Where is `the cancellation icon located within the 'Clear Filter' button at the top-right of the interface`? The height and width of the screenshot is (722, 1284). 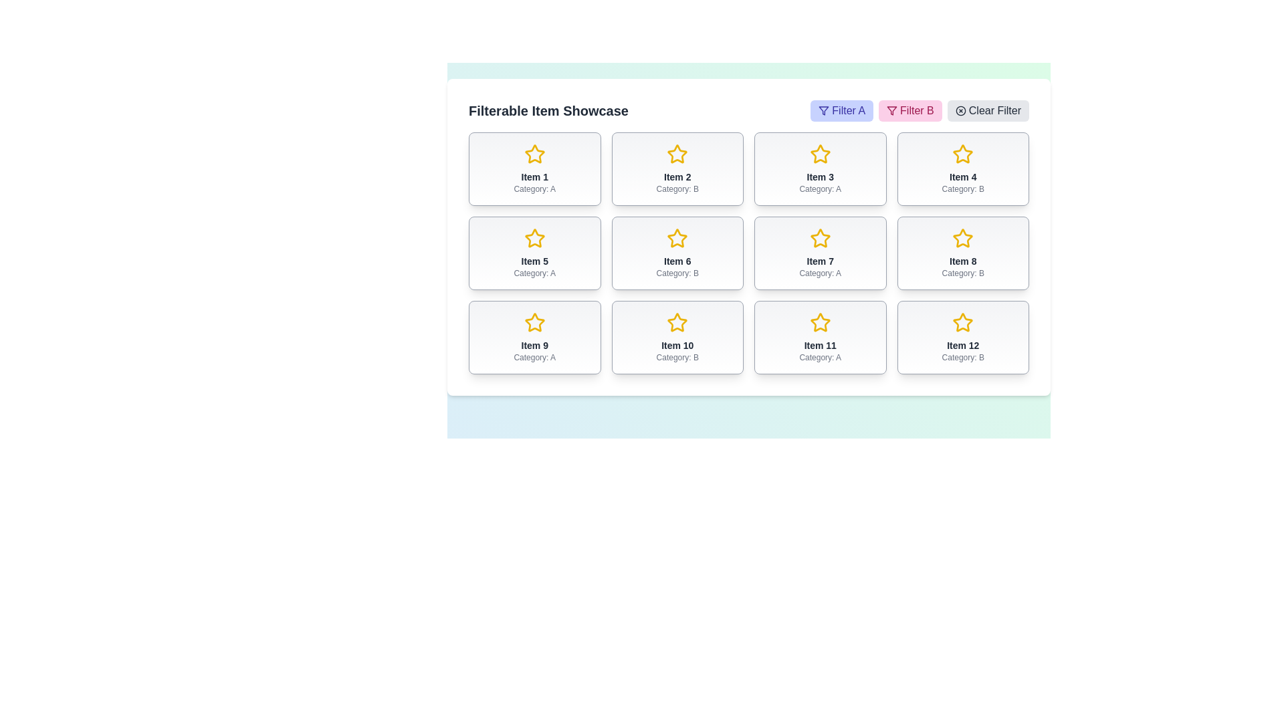
the cancellation icon located within the 'Clear Filter' button at the top-right of the interface is located at coordinates (960, 110).